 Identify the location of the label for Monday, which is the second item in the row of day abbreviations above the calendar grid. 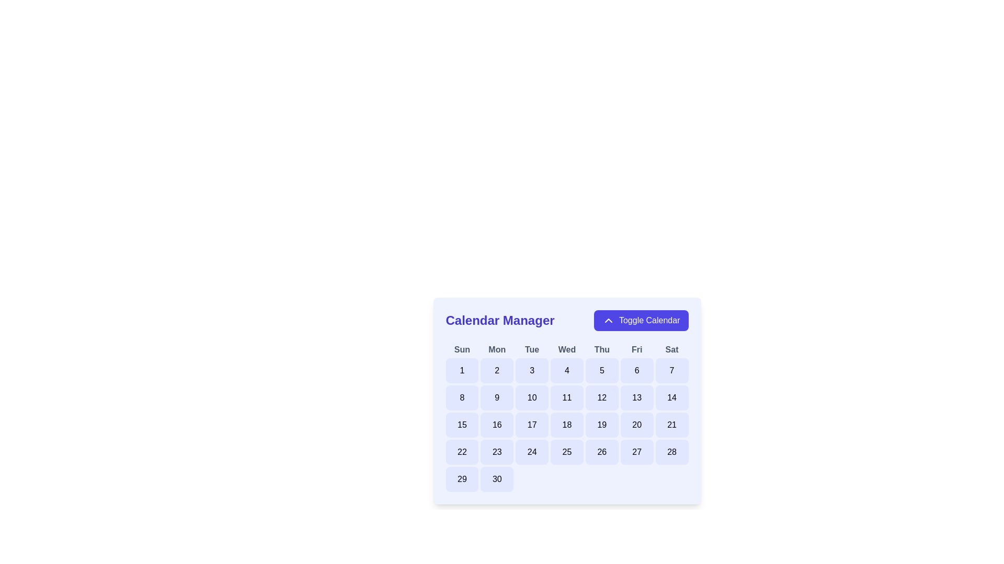
(496, 350).